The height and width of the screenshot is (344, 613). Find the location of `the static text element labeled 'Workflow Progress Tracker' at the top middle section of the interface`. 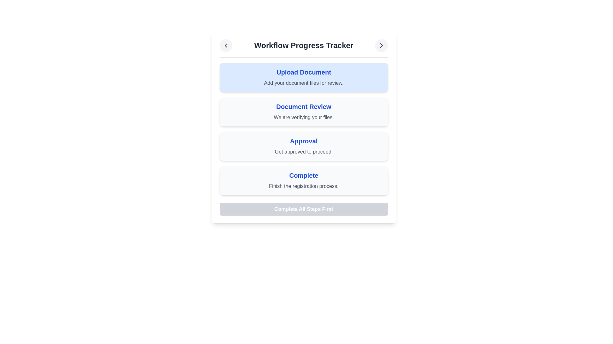

the static text element labeled 'Workflow Progress Tracker' at the top middle section of the interface is located at coordinates (303, 45).